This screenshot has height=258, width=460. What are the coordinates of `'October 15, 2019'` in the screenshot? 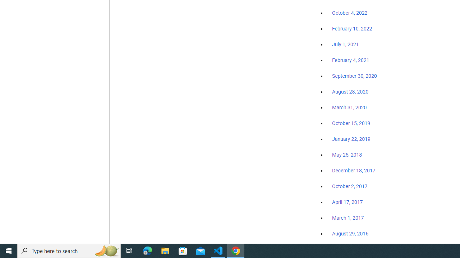 It's located at (351, 123).